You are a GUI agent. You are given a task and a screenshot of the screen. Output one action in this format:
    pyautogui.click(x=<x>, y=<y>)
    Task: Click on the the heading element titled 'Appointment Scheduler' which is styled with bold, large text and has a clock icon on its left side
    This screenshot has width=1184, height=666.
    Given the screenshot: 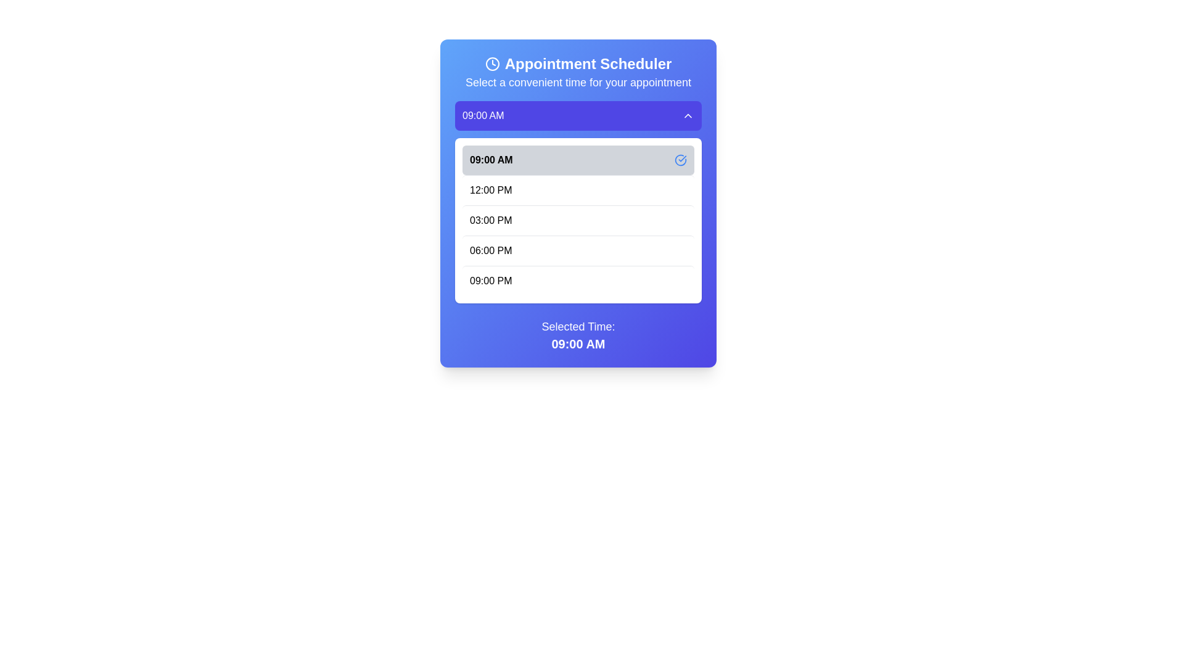 What is the action you would take?
    pyautogui.click(x=577, y=64)
    